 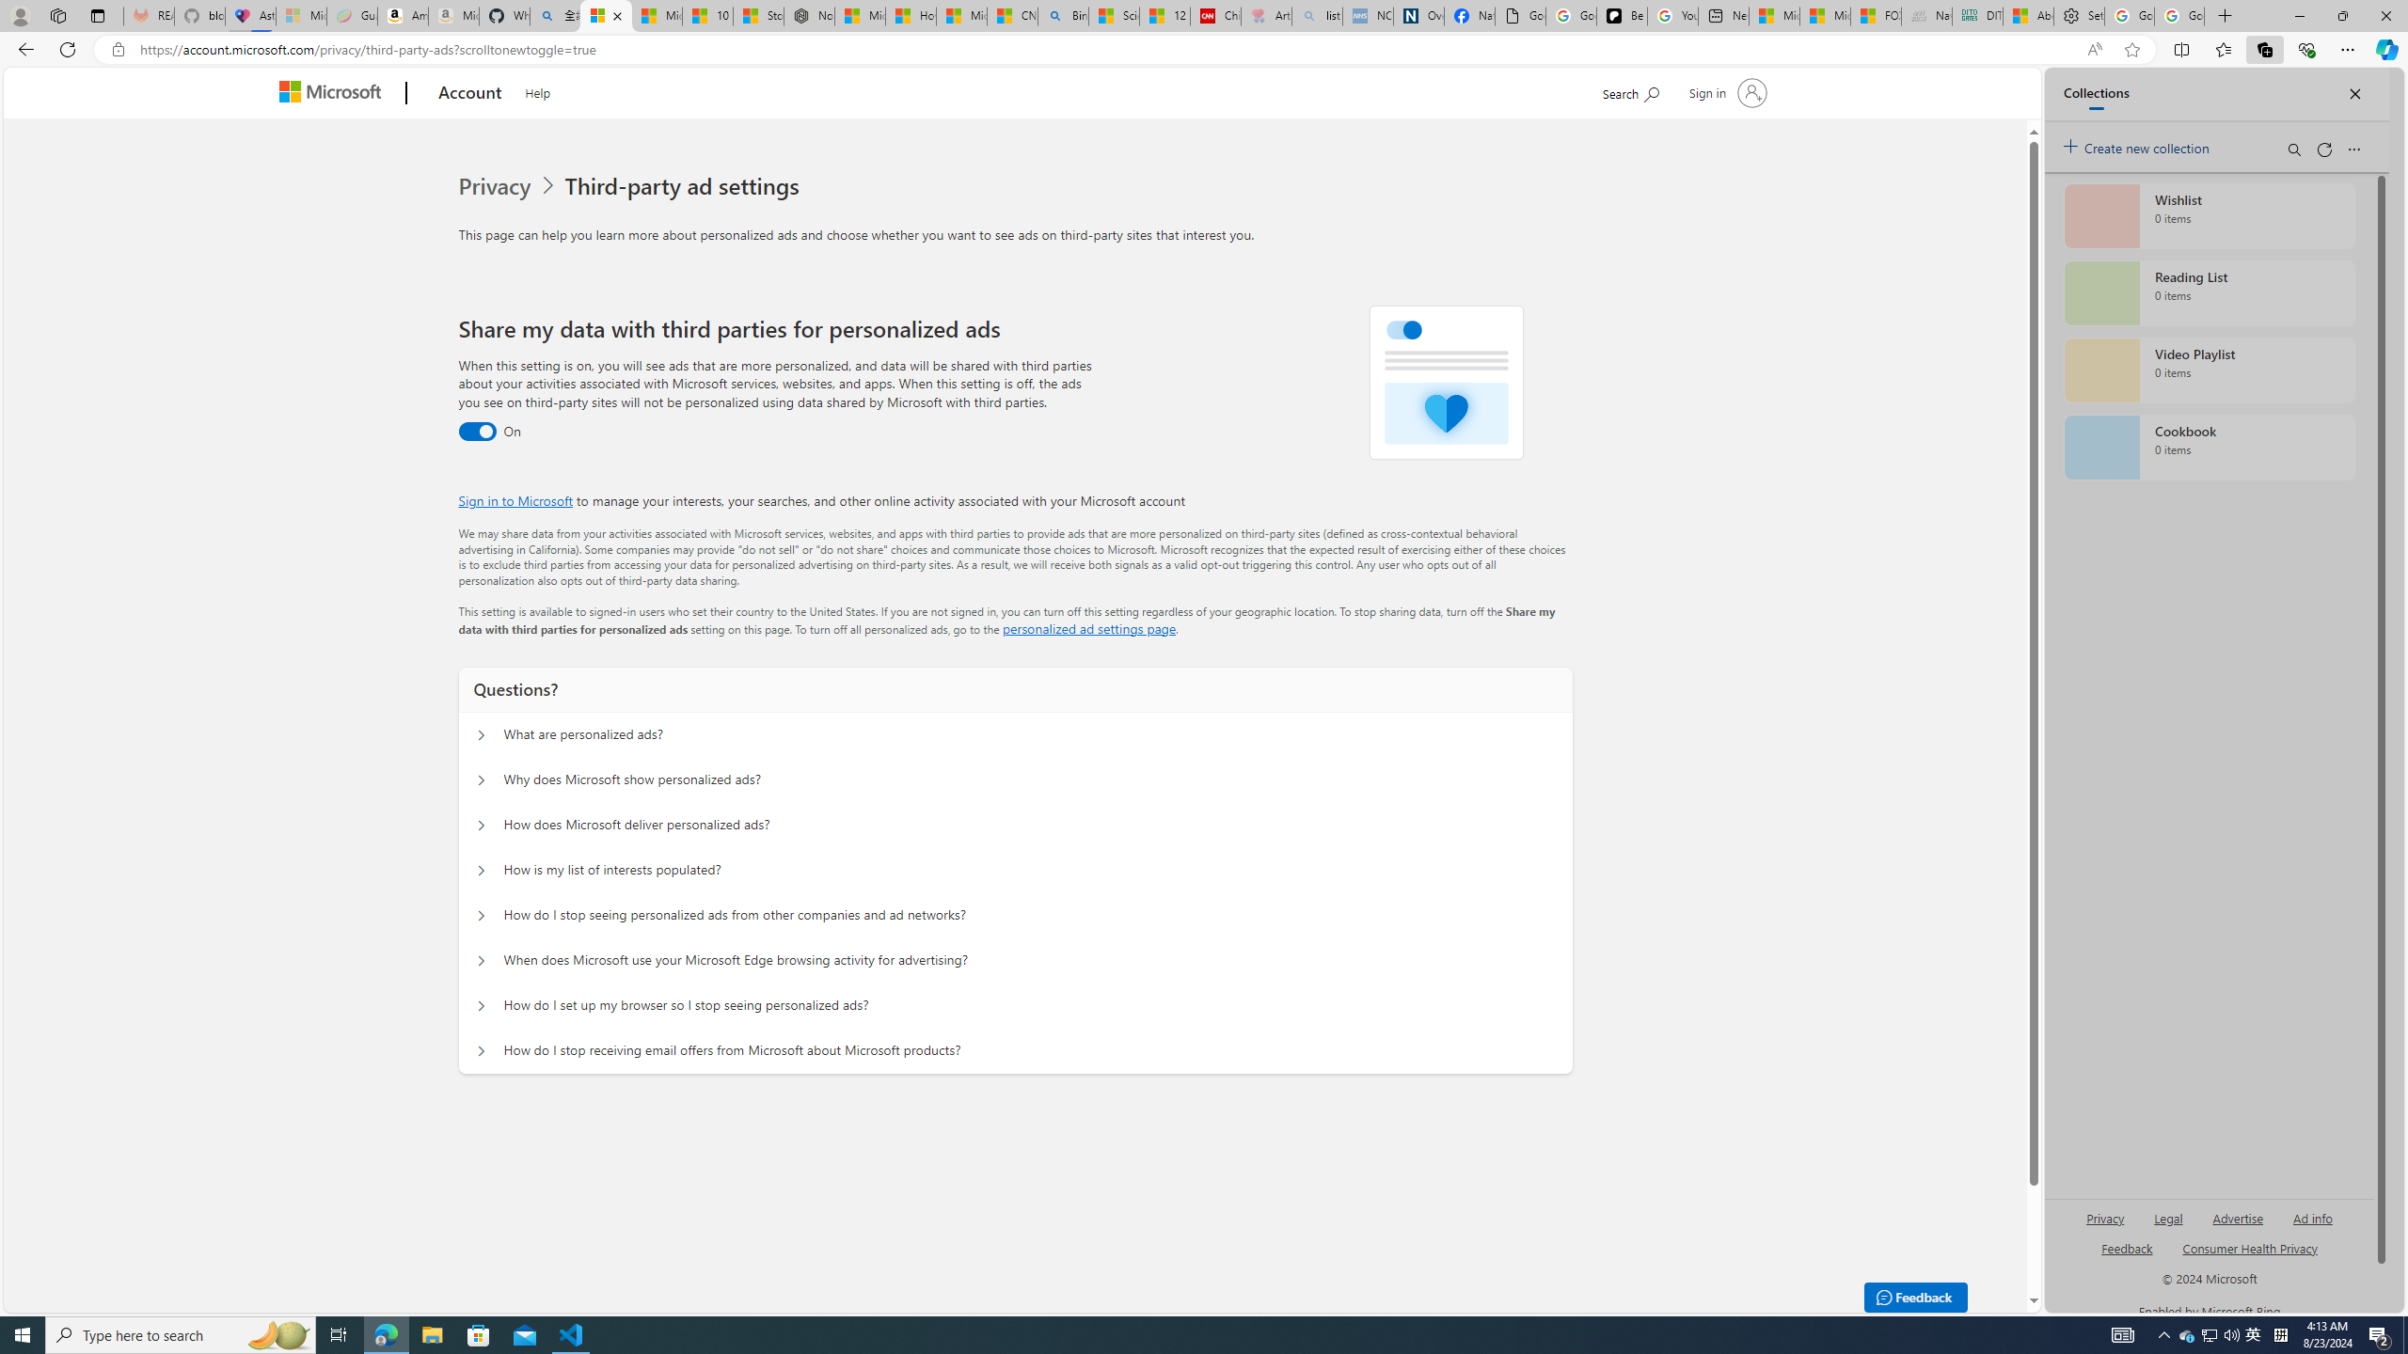 I want to click on 'NCL Adult Asthma Inhaler Choice Guideline - Sleeping', so click(x=1368, y=15).